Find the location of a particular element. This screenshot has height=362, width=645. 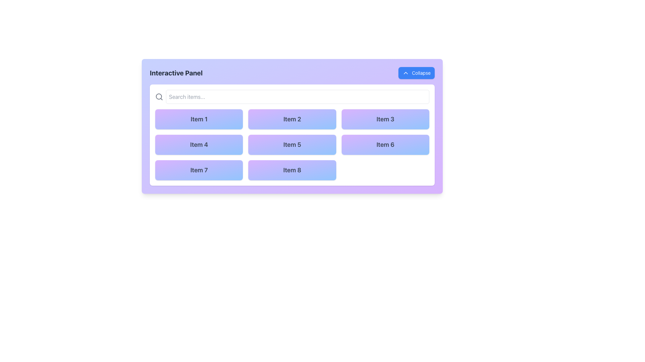

the card or list item component with the text 'Item 8', which is the last item in the grid layout located in the bottom-right corner of a 4x2 grid is located at coordinates (292, 170).